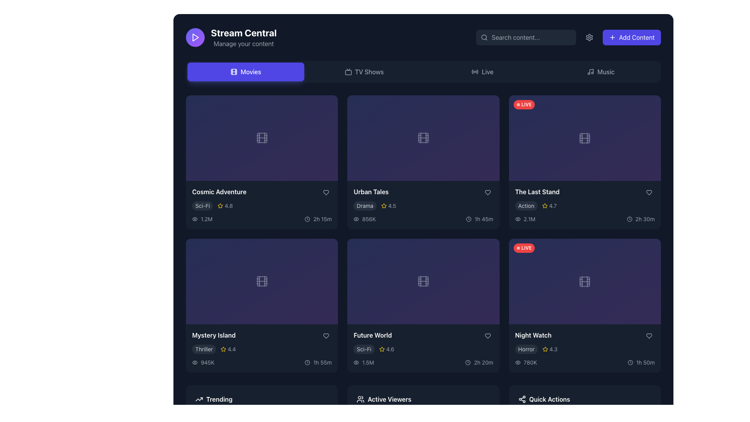  I want to click on the gear icon button in the top navigation bar, so click(589, 38).